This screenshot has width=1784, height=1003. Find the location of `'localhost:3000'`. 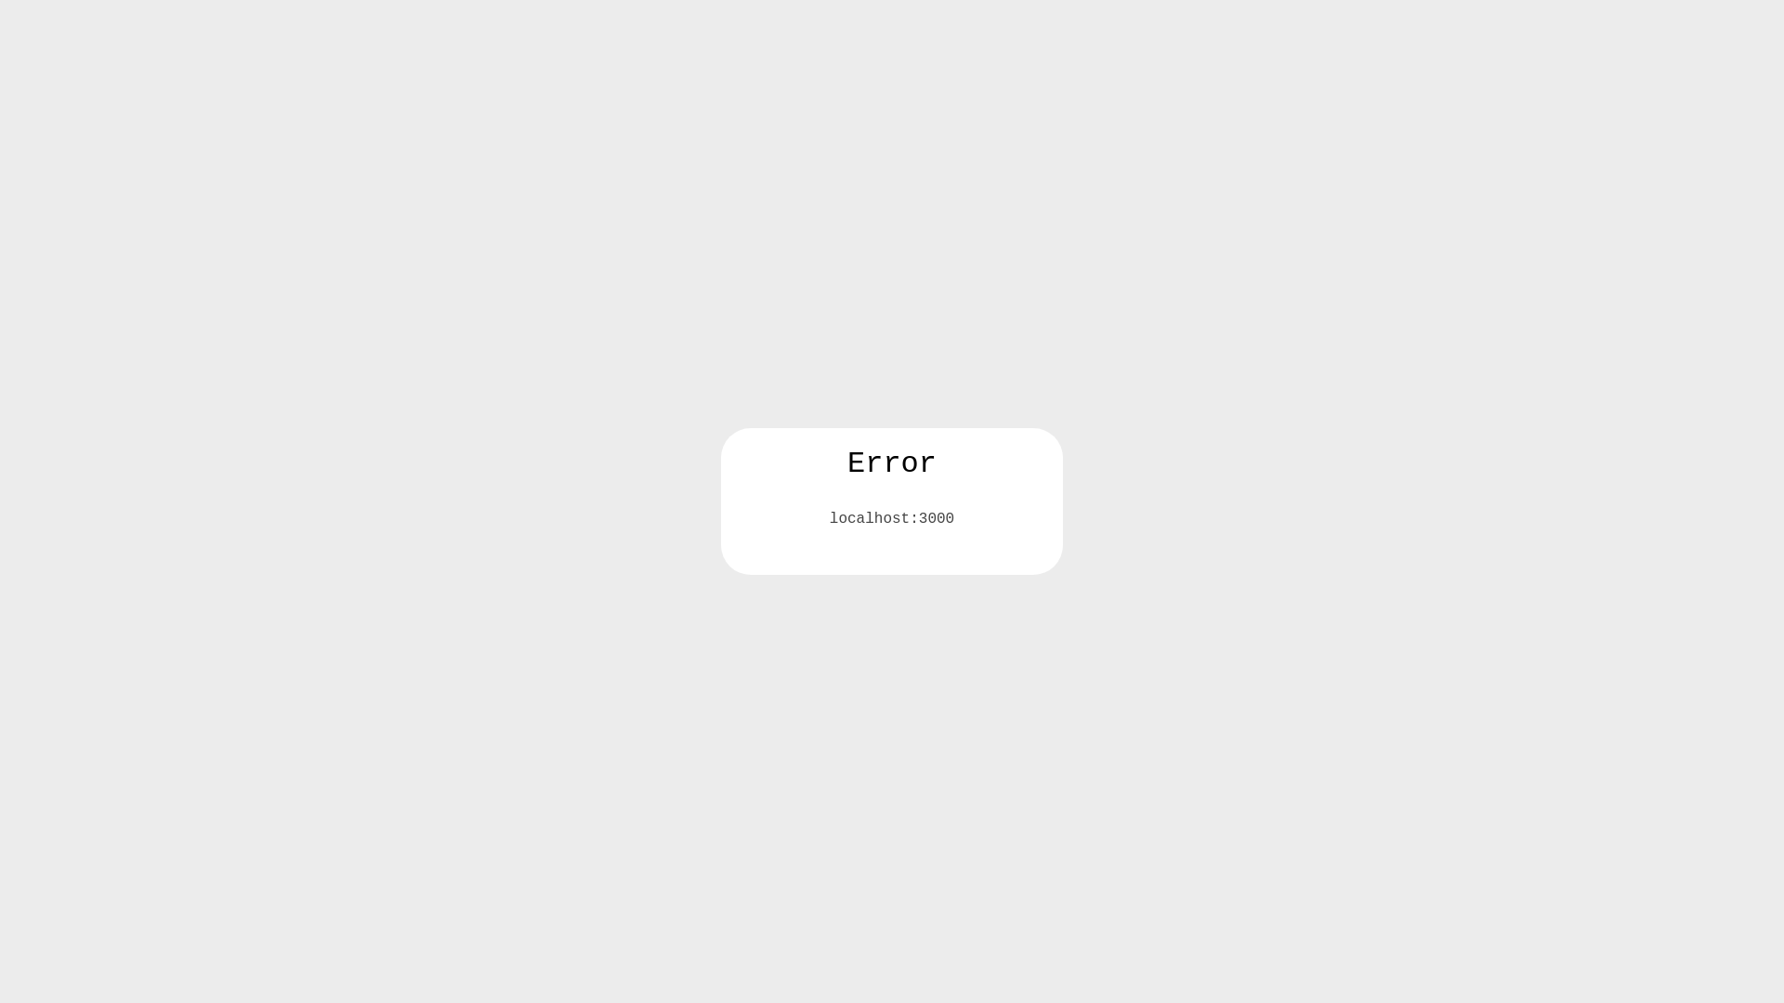

'localhost:3000' is located at coordinates (892, 519).